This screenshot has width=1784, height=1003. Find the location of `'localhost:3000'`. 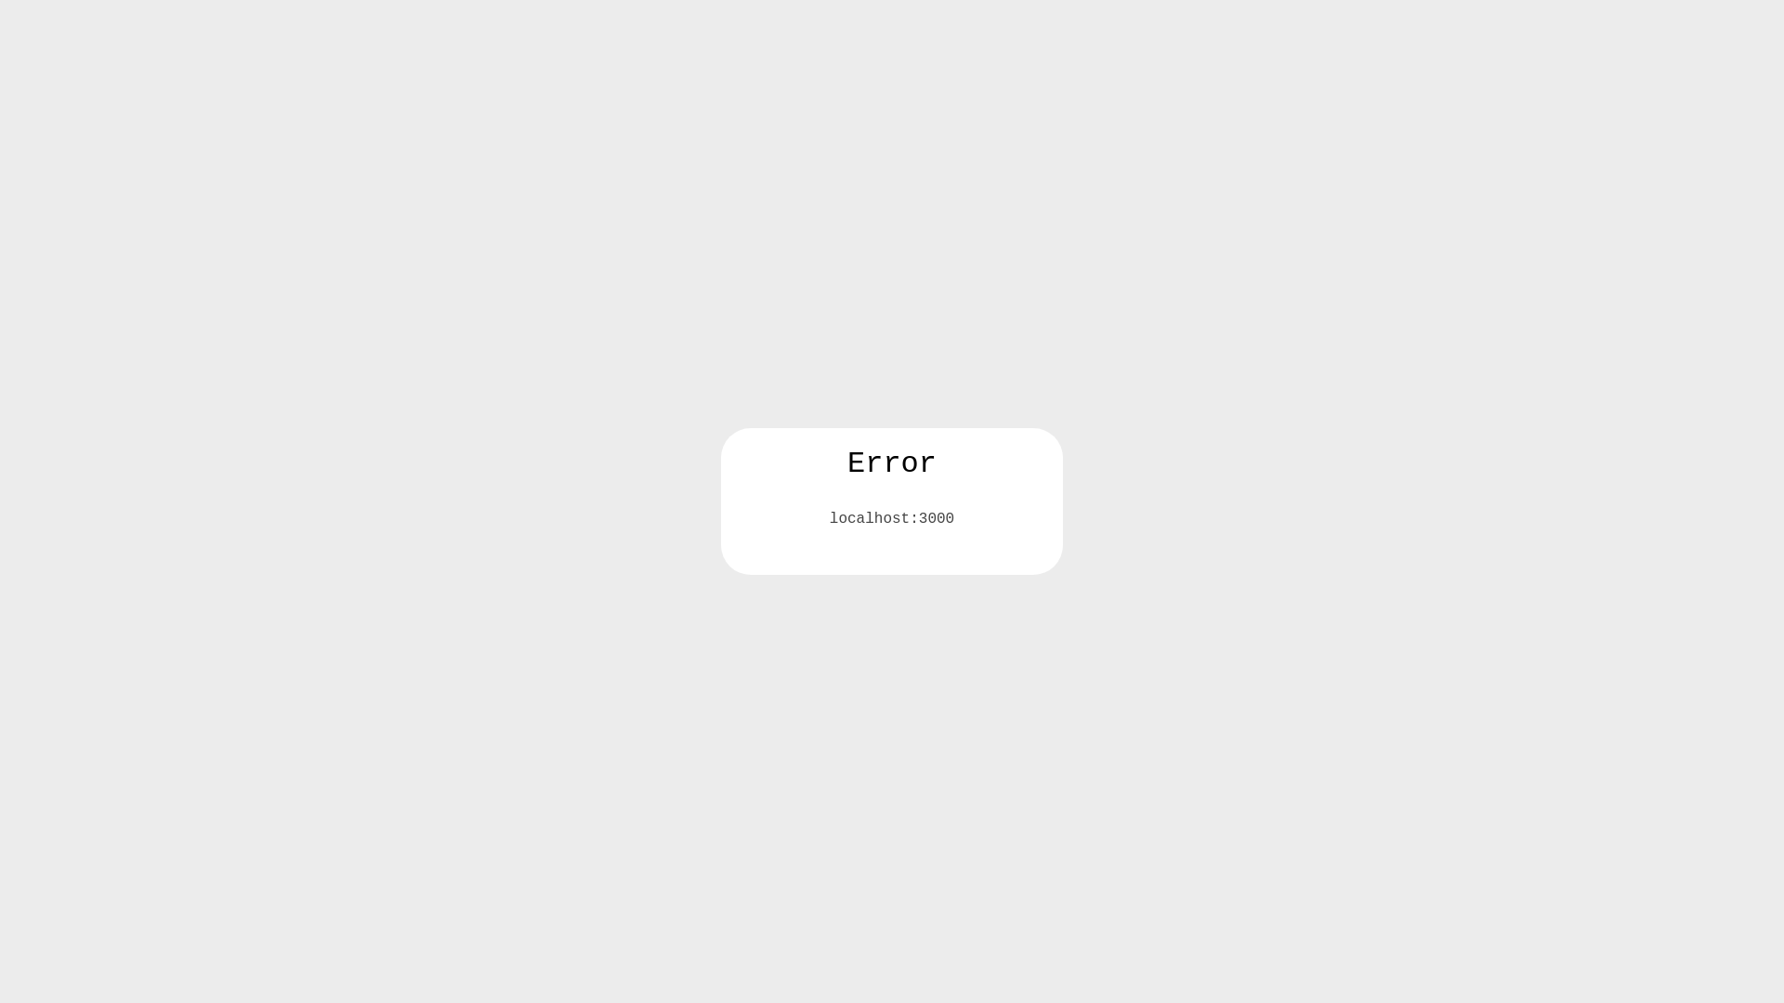

'localhost:3000' is located at coordinates (892, 519).